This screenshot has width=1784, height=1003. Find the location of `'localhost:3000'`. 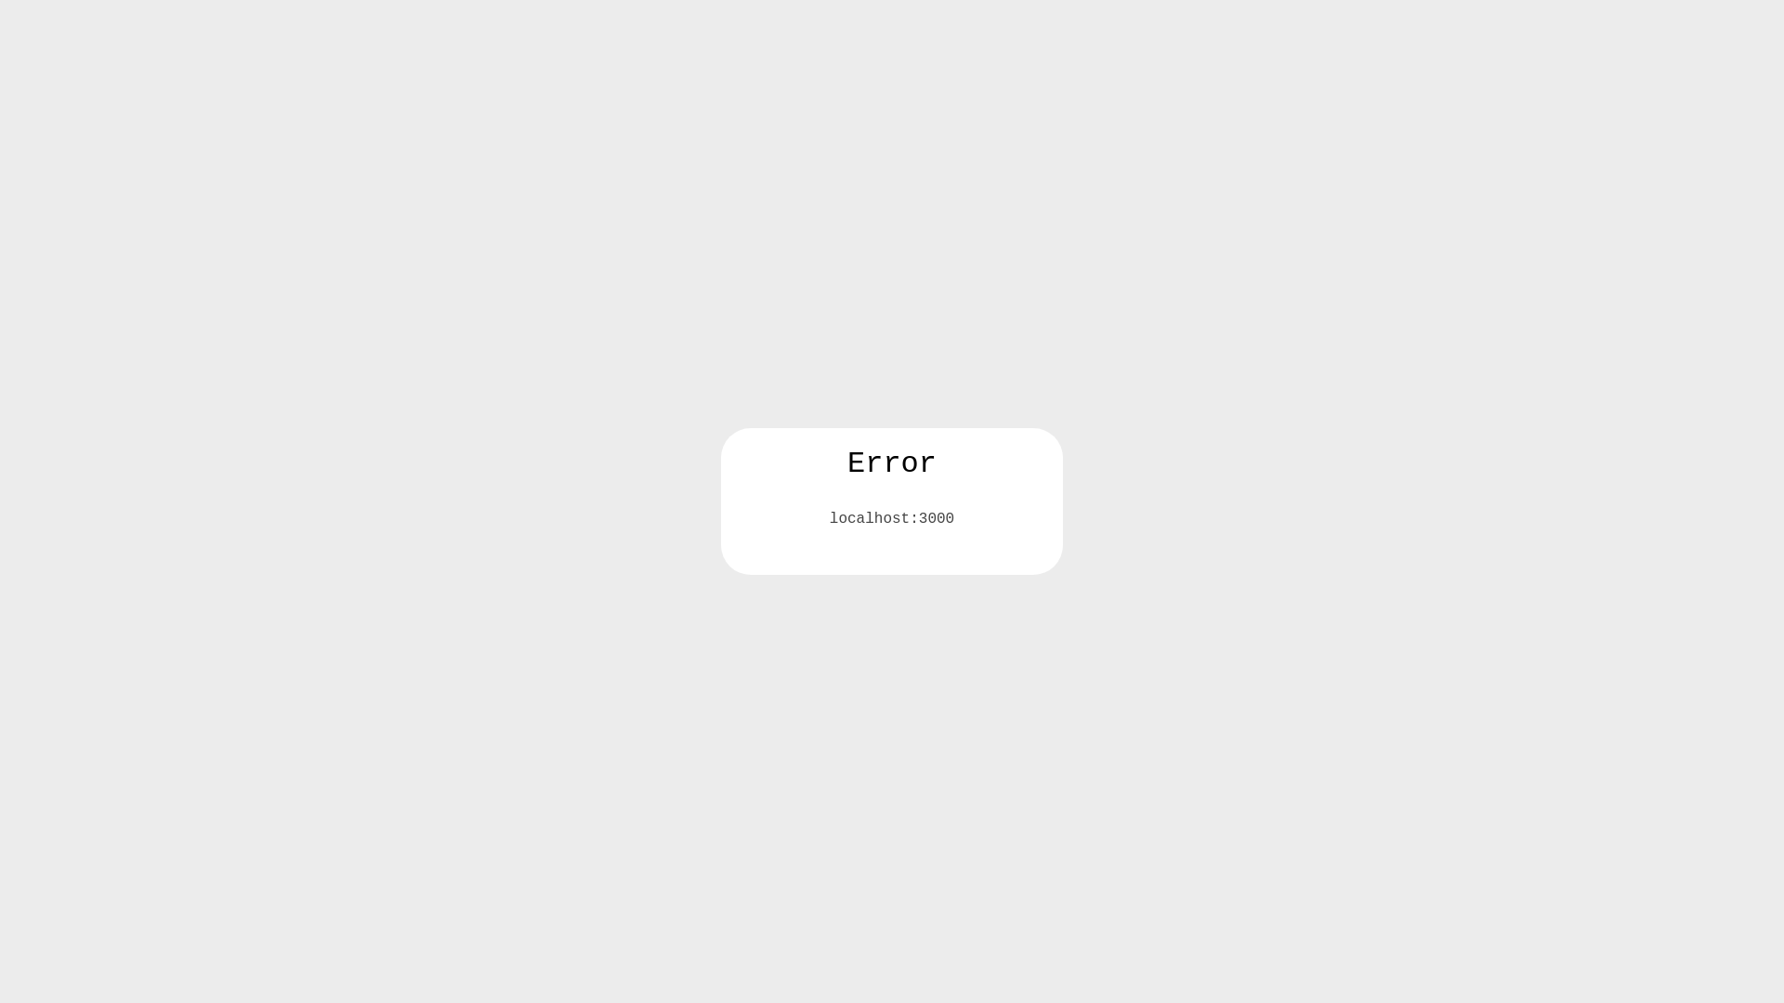

'localhost:3000' is located at coordinates (892, 519).